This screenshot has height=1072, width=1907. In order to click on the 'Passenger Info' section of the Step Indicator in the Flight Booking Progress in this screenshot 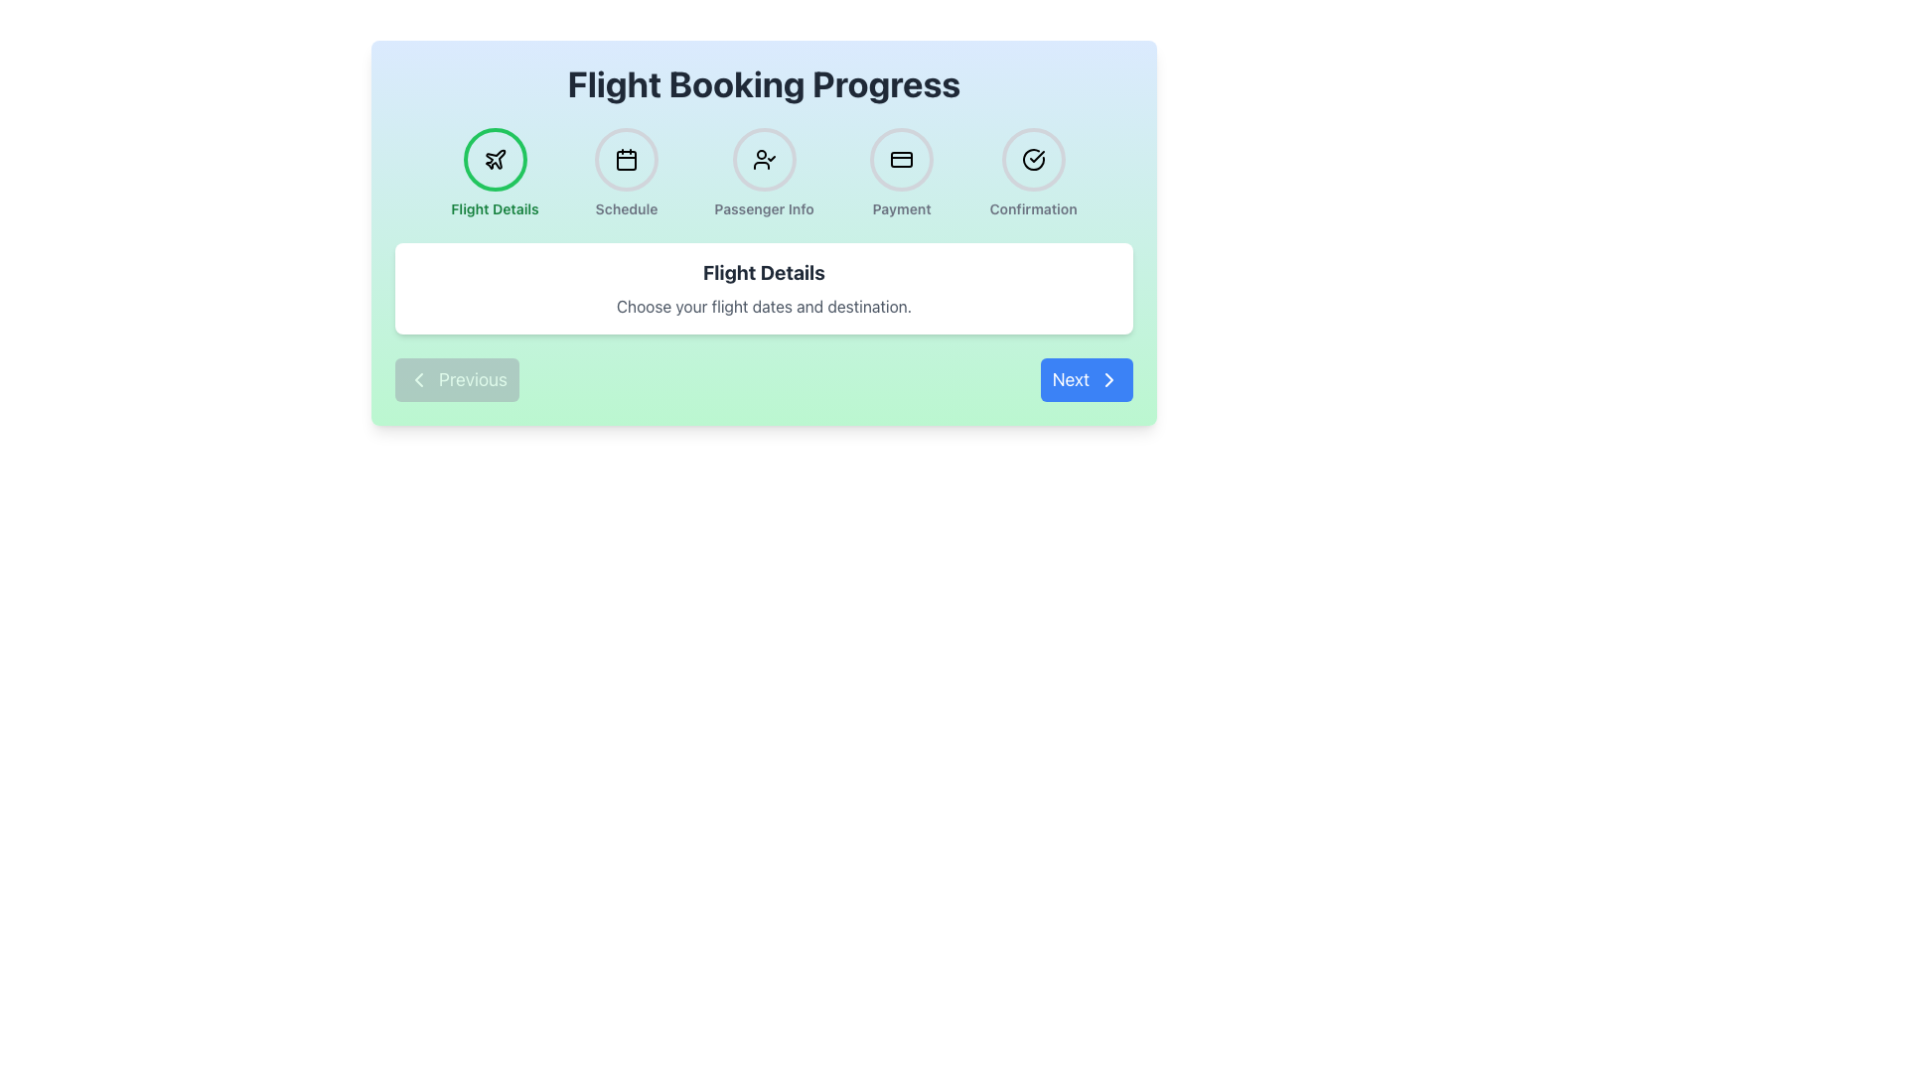, I will do `click(763, 172)`.